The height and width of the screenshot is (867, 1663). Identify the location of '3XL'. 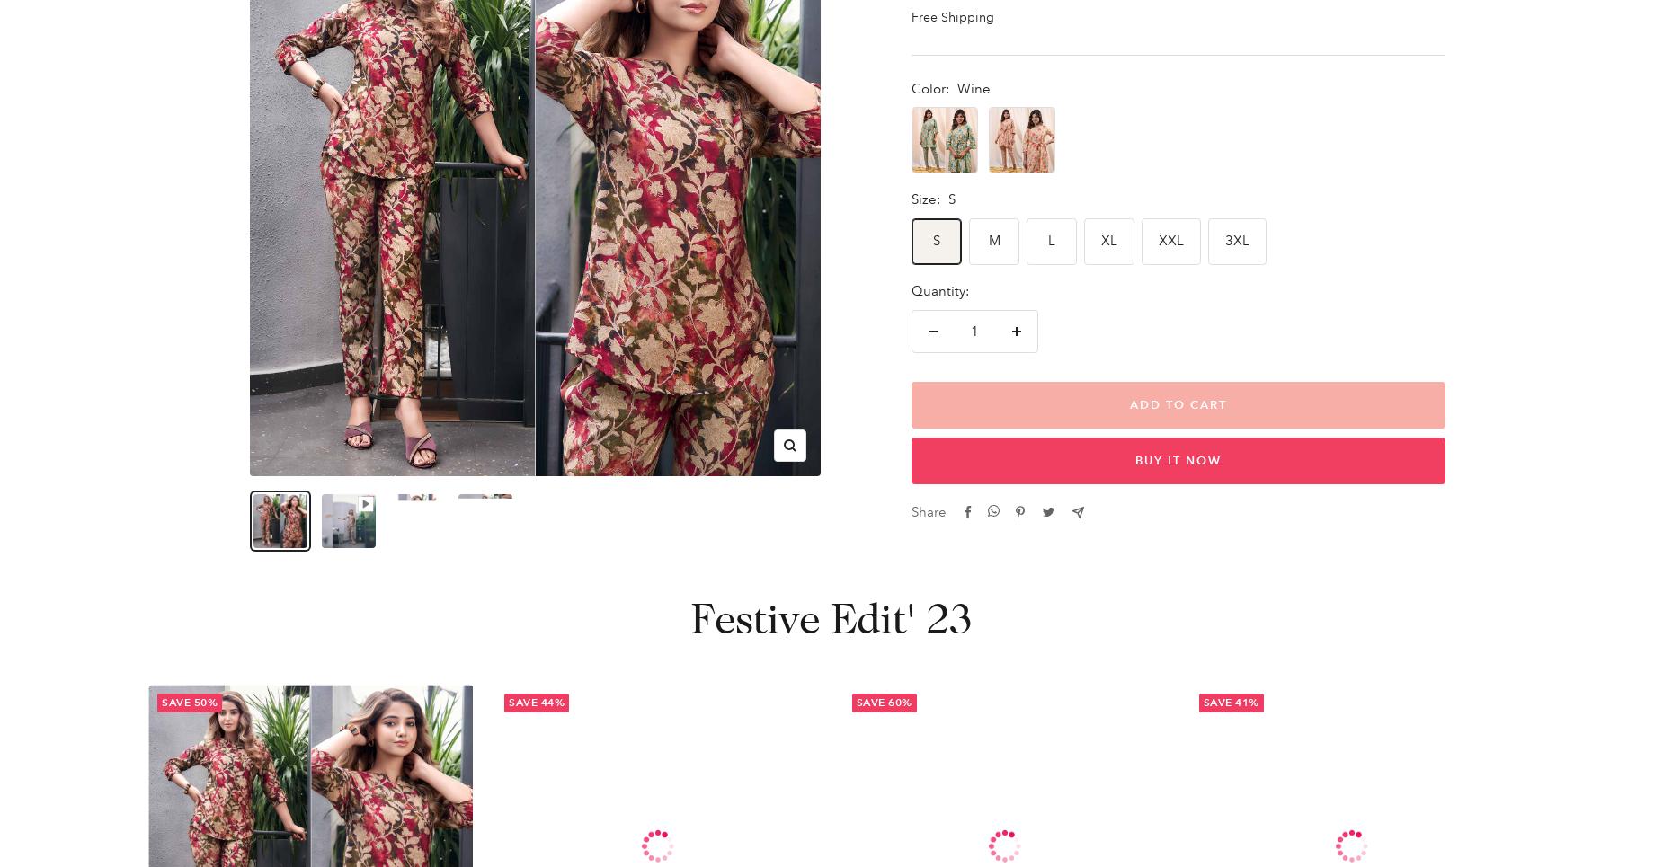
(1236, 240).